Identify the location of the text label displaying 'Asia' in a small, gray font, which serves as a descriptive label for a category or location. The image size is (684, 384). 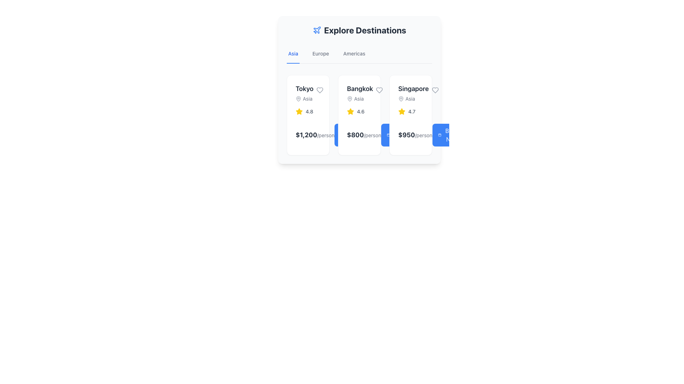
(307, 98).